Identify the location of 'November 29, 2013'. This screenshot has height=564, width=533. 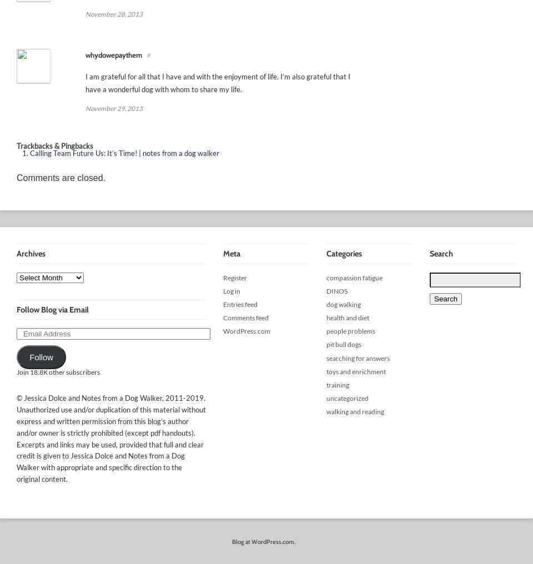
(114, 107).